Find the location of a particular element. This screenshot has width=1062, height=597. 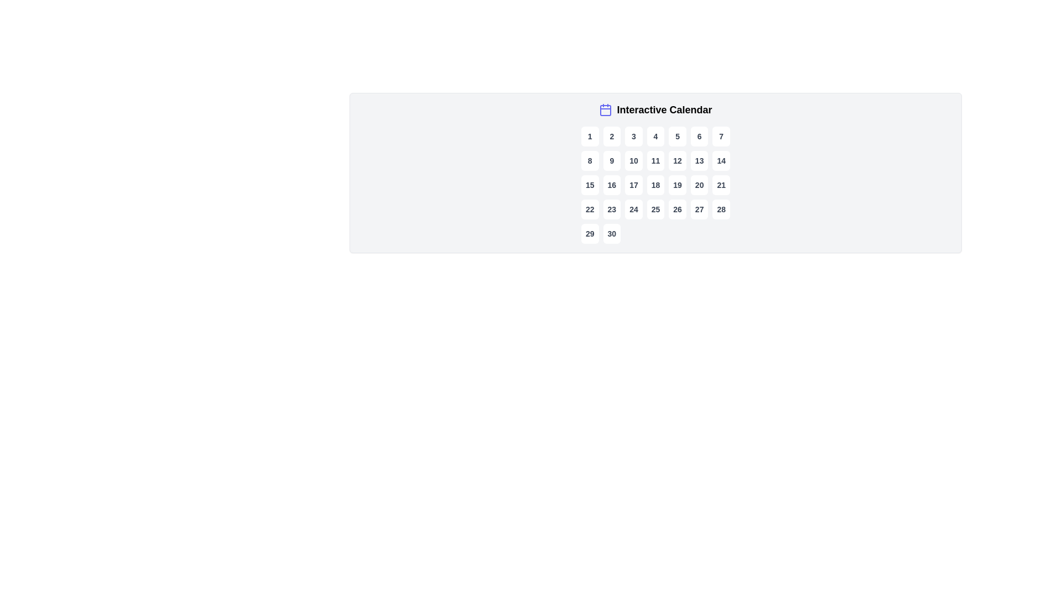

the first day button in the calendar grid is located at coordinates (589, 135).